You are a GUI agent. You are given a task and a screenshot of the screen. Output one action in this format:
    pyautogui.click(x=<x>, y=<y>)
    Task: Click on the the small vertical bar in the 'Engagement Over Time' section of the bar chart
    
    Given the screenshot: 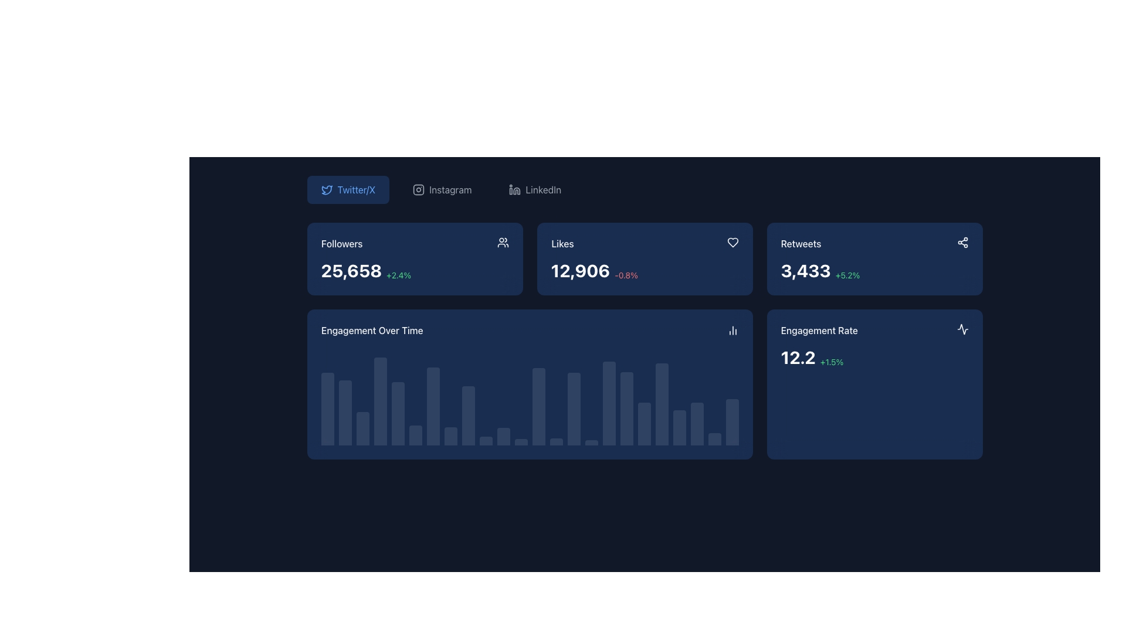 What is the action you would take?
    pyautogui.click(x=486, y=441)
    